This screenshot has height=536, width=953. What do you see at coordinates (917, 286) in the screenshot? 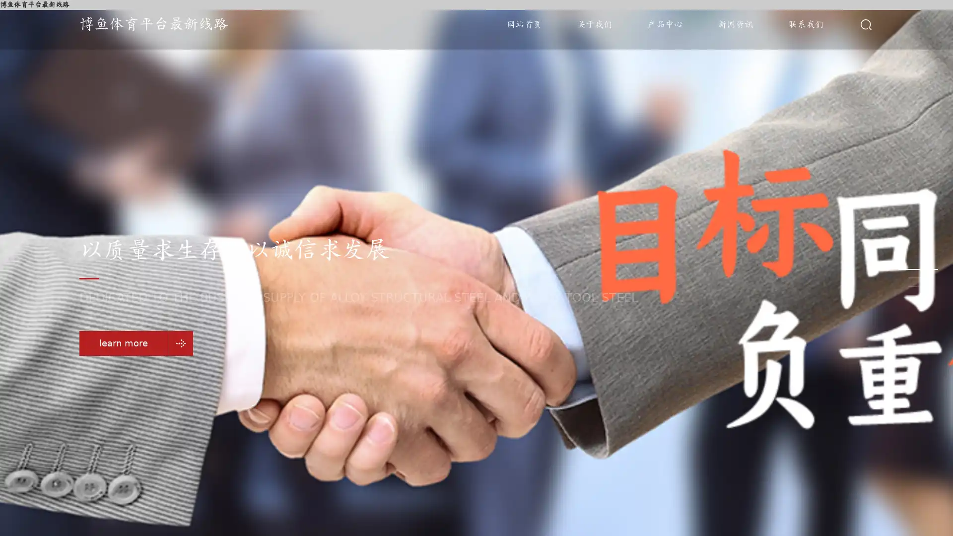
I see `Go to slide 3` at bounding box center [917, 286].